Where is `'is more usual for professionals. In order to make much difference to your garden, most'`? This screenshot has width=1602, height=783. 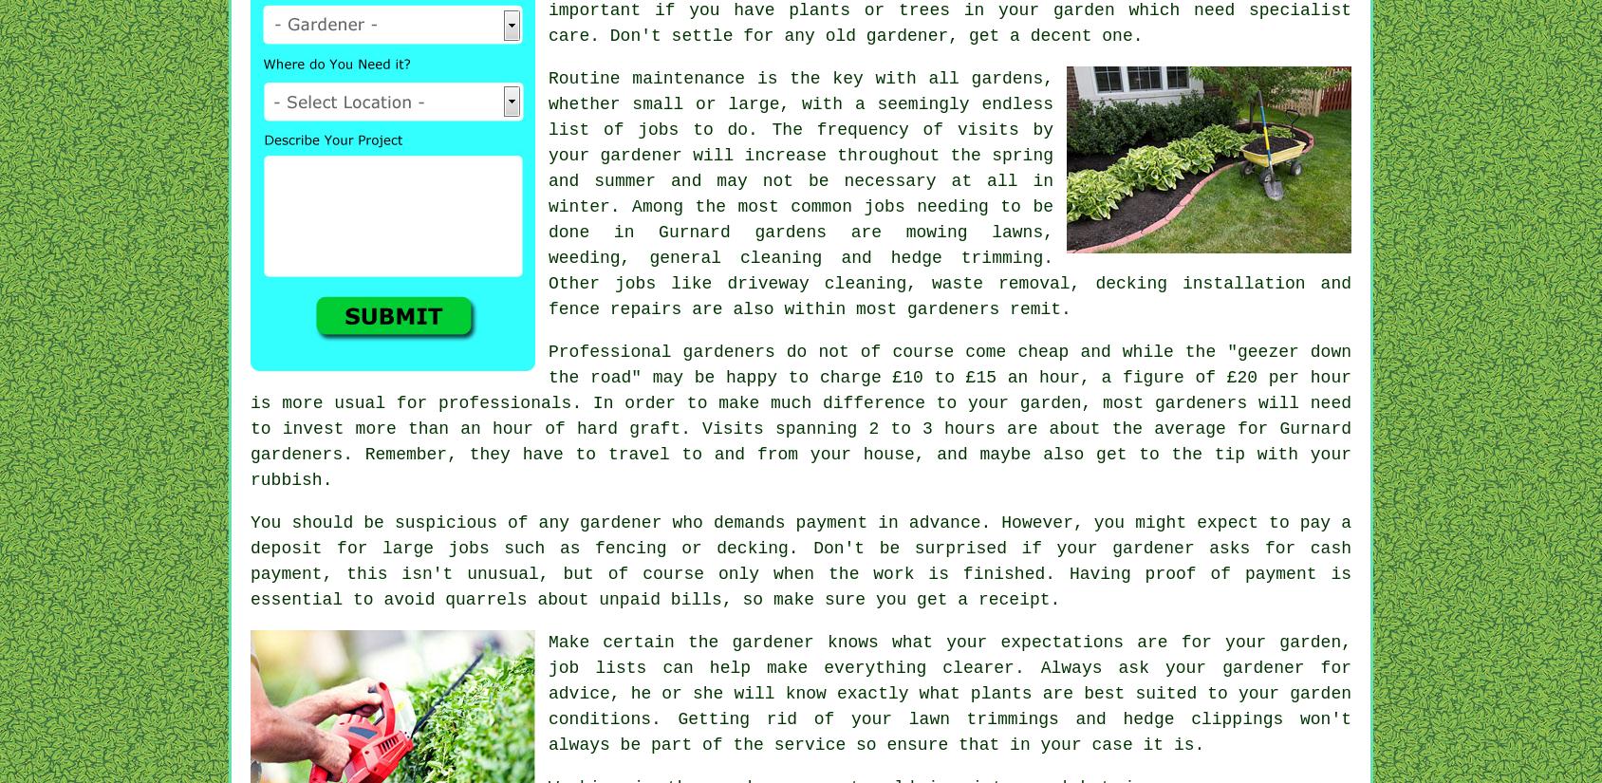
'is more usual for professionals. In order to make much difference to your garden, most' is located at coordinates (702, 403).